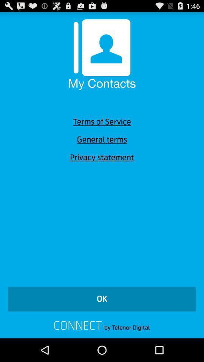 Image resolution: width=204 pixels, height=362 pixels. What do you see at coordinates (102, 157) in the screenshot?
I see `the icon above ok icon` at bounding box center [102, 157].